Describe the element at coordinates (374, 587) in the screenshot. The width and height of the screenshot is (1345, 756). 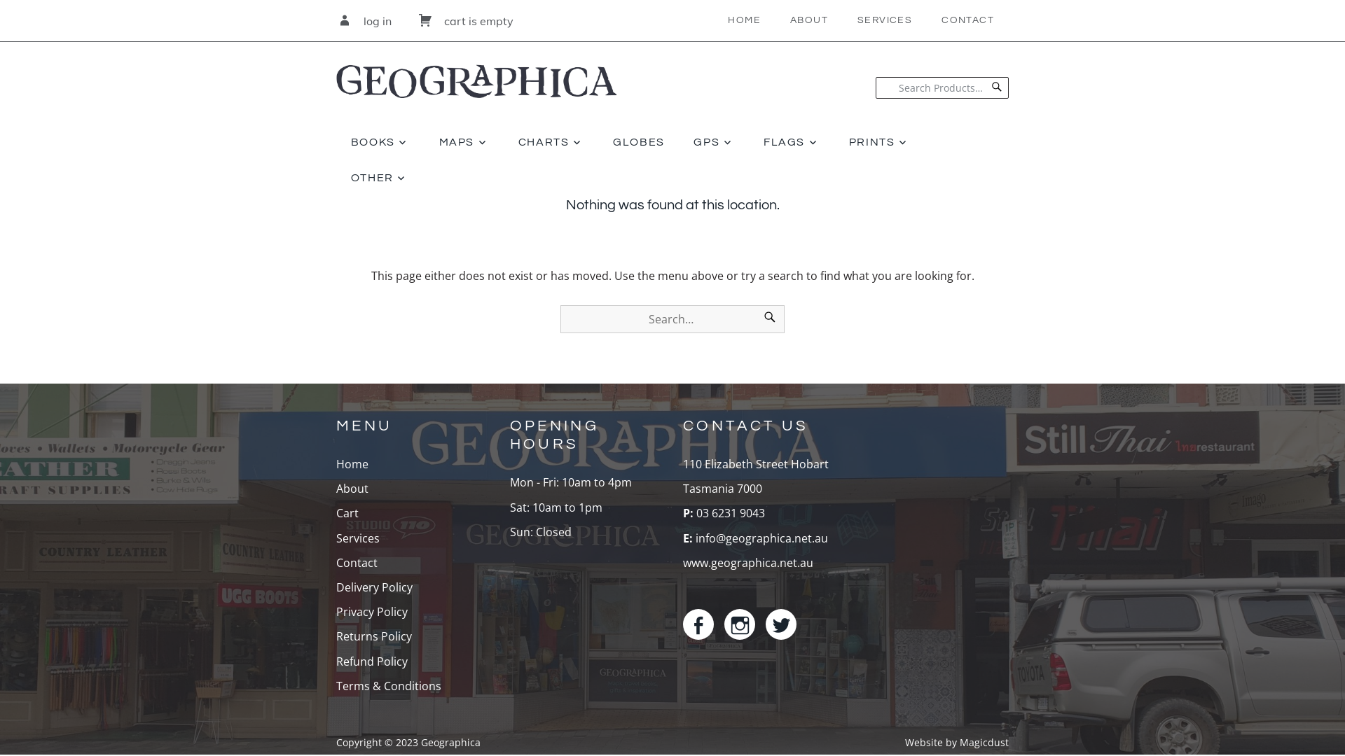
I see `'Delivery Policy'` at that location.